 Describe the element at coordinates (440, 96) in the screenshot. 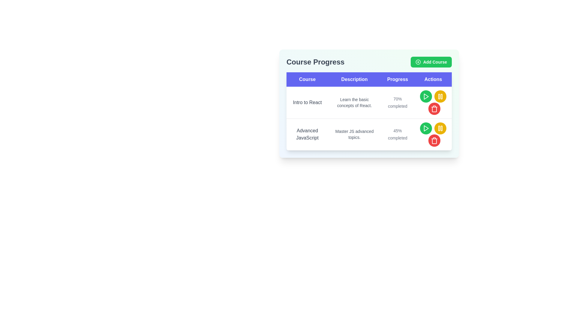

I see `the circular yellow button with a white pause icon located in the 'Actions' column for the 'Advanced JavaScript' course, which is the second button in that column` at that location.